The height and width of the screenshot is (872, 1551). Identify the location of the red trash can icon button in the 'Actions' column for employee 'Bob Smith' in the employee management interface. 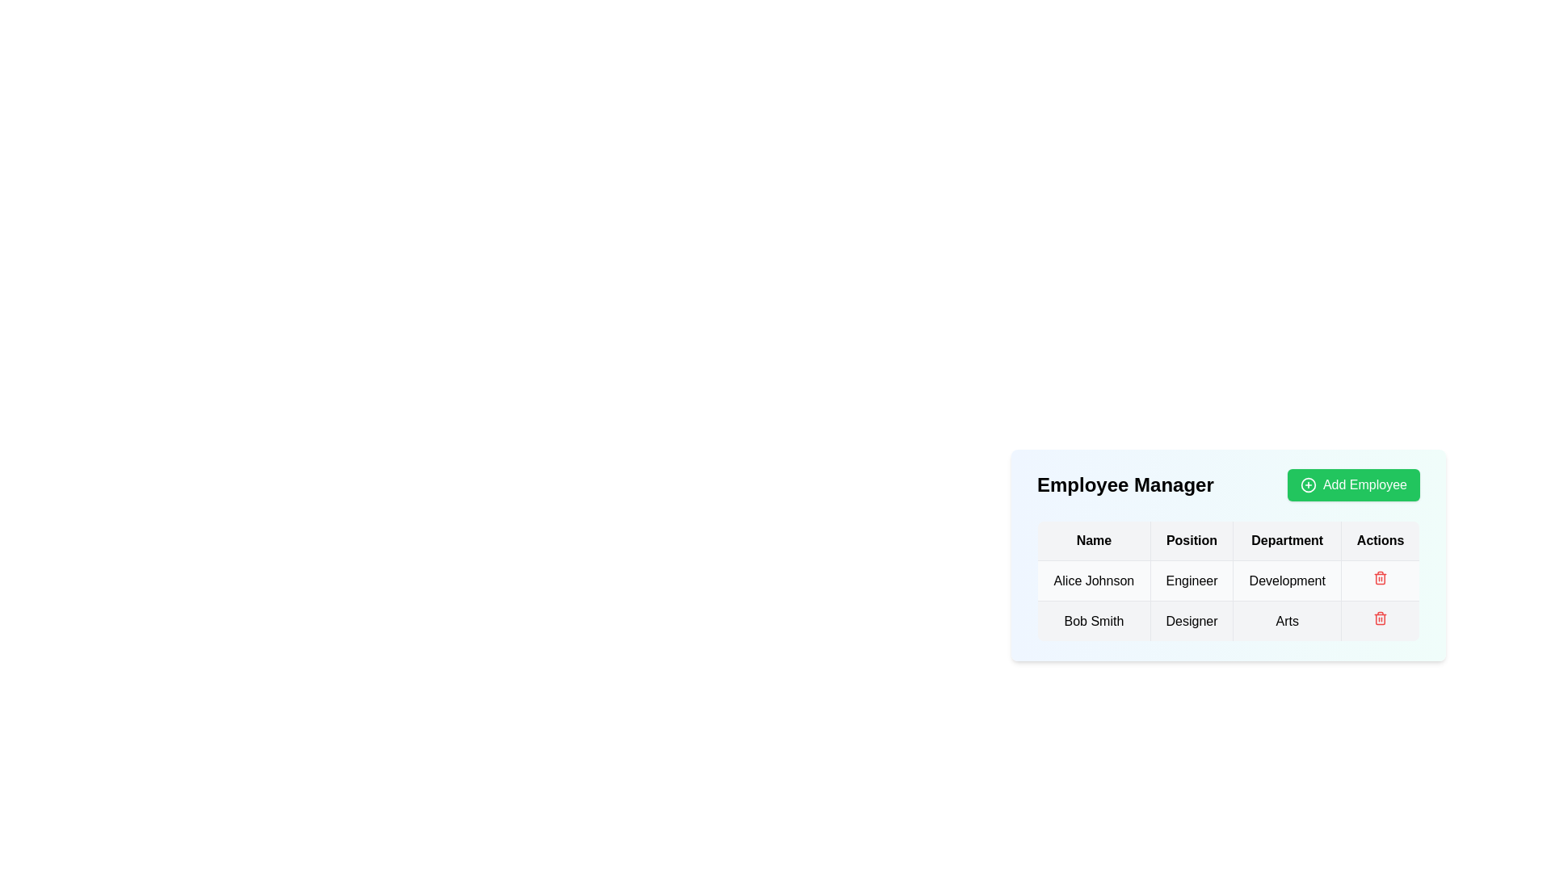
(1380, 620).